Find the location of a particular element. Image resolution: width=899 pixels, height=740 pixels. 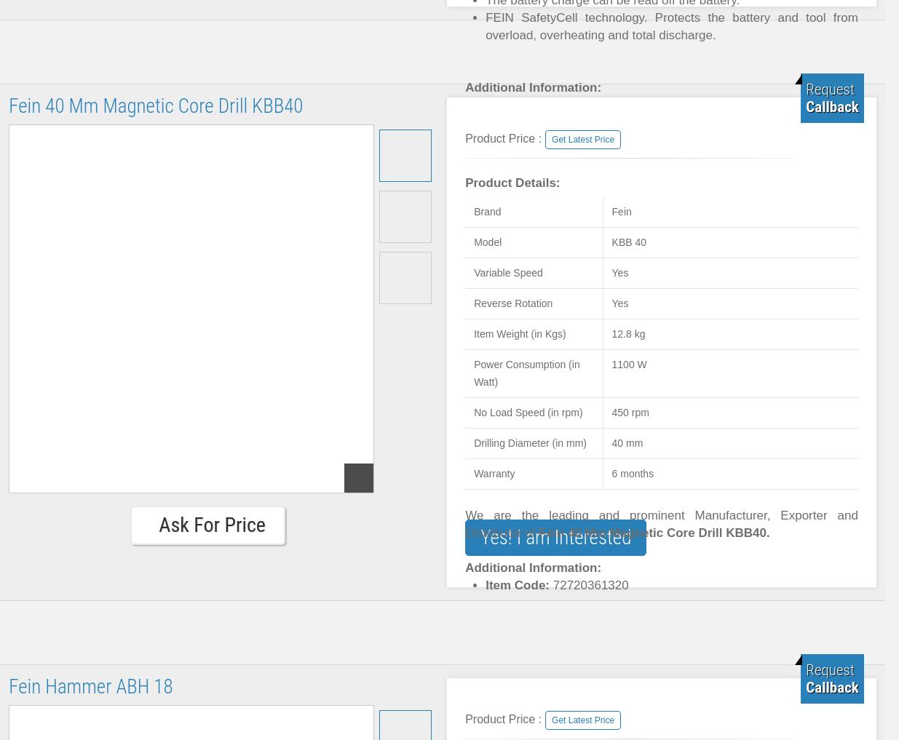

'KBB 40' is located at coordinates (628, 242).